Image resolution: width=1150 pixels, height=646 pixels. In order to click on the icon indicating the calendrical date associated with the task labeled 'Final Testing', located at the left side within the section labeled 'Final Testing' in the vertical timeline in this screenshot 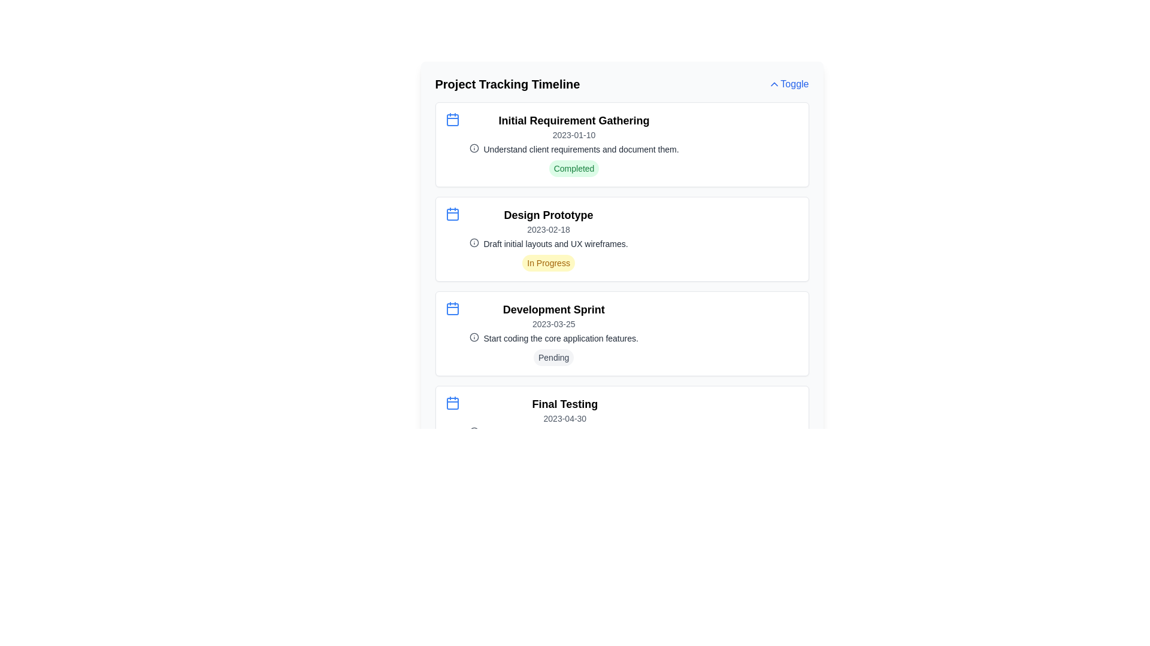, I will do `click(452, 403)`.